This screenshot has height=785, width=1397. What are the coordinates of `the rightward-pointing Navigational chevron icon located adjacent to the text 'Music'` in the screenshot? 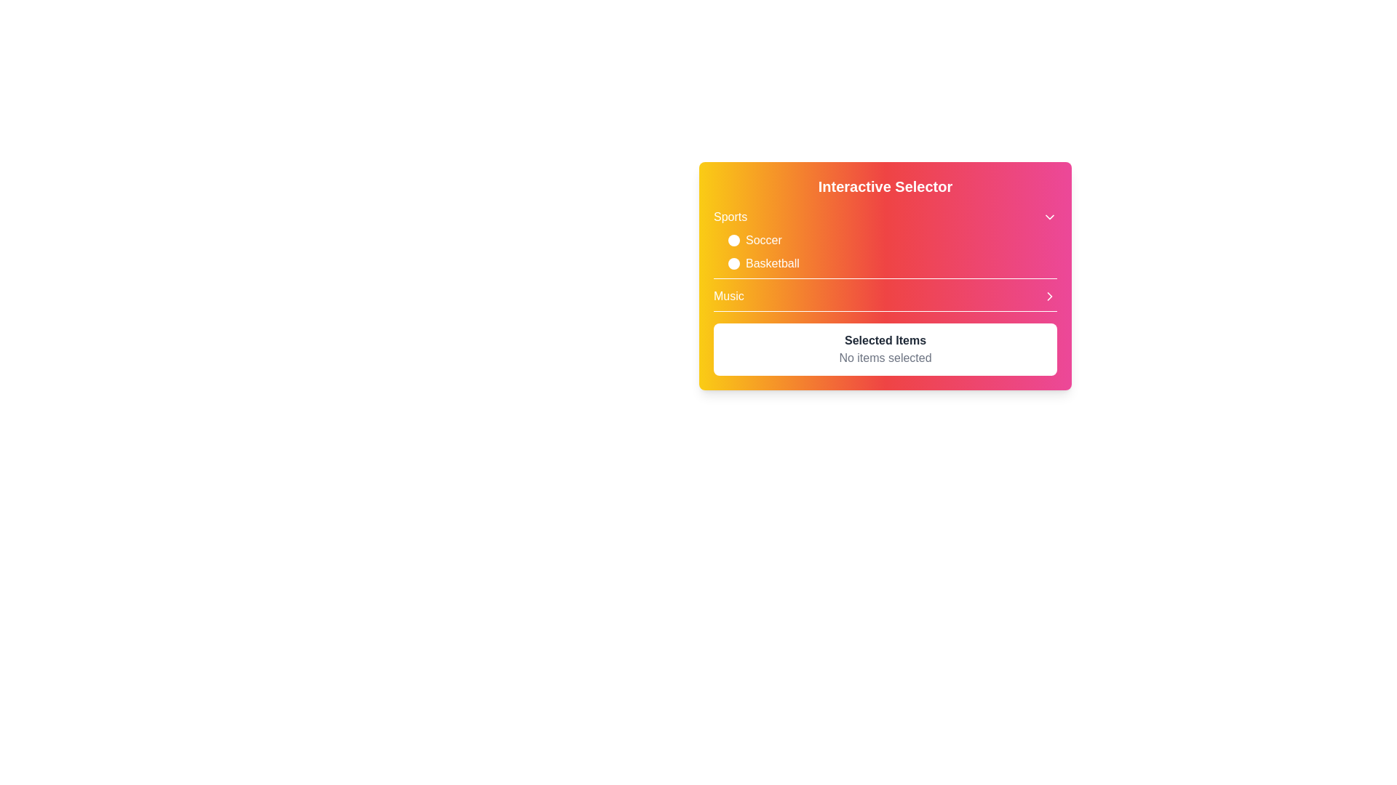 It's located at (1050, 296).